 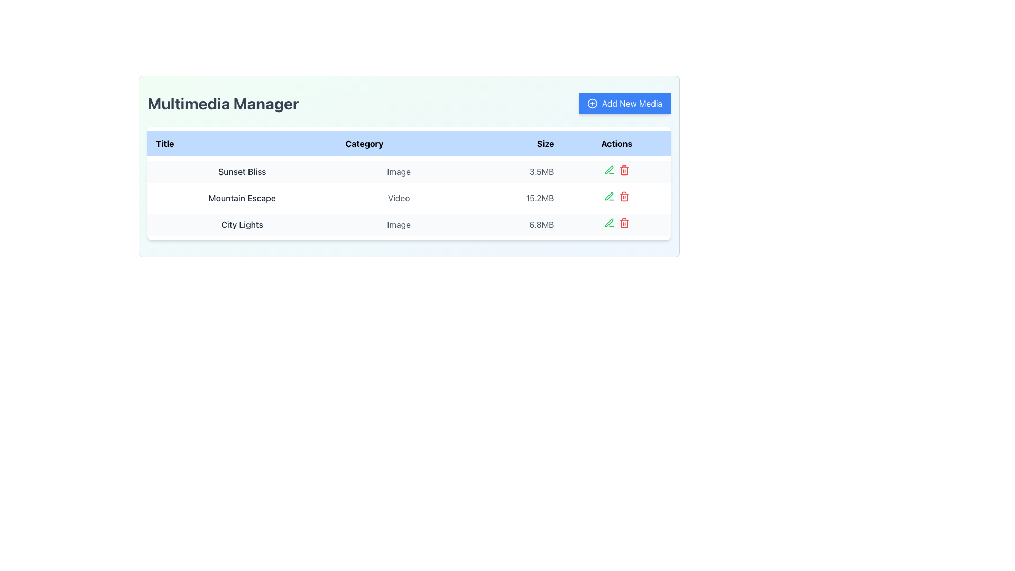 I want to click on the small green pen icon located in the 'Actions' column of the first row in the table, adjacent to the '3.5MB' size details, so click(x=609, y=169).